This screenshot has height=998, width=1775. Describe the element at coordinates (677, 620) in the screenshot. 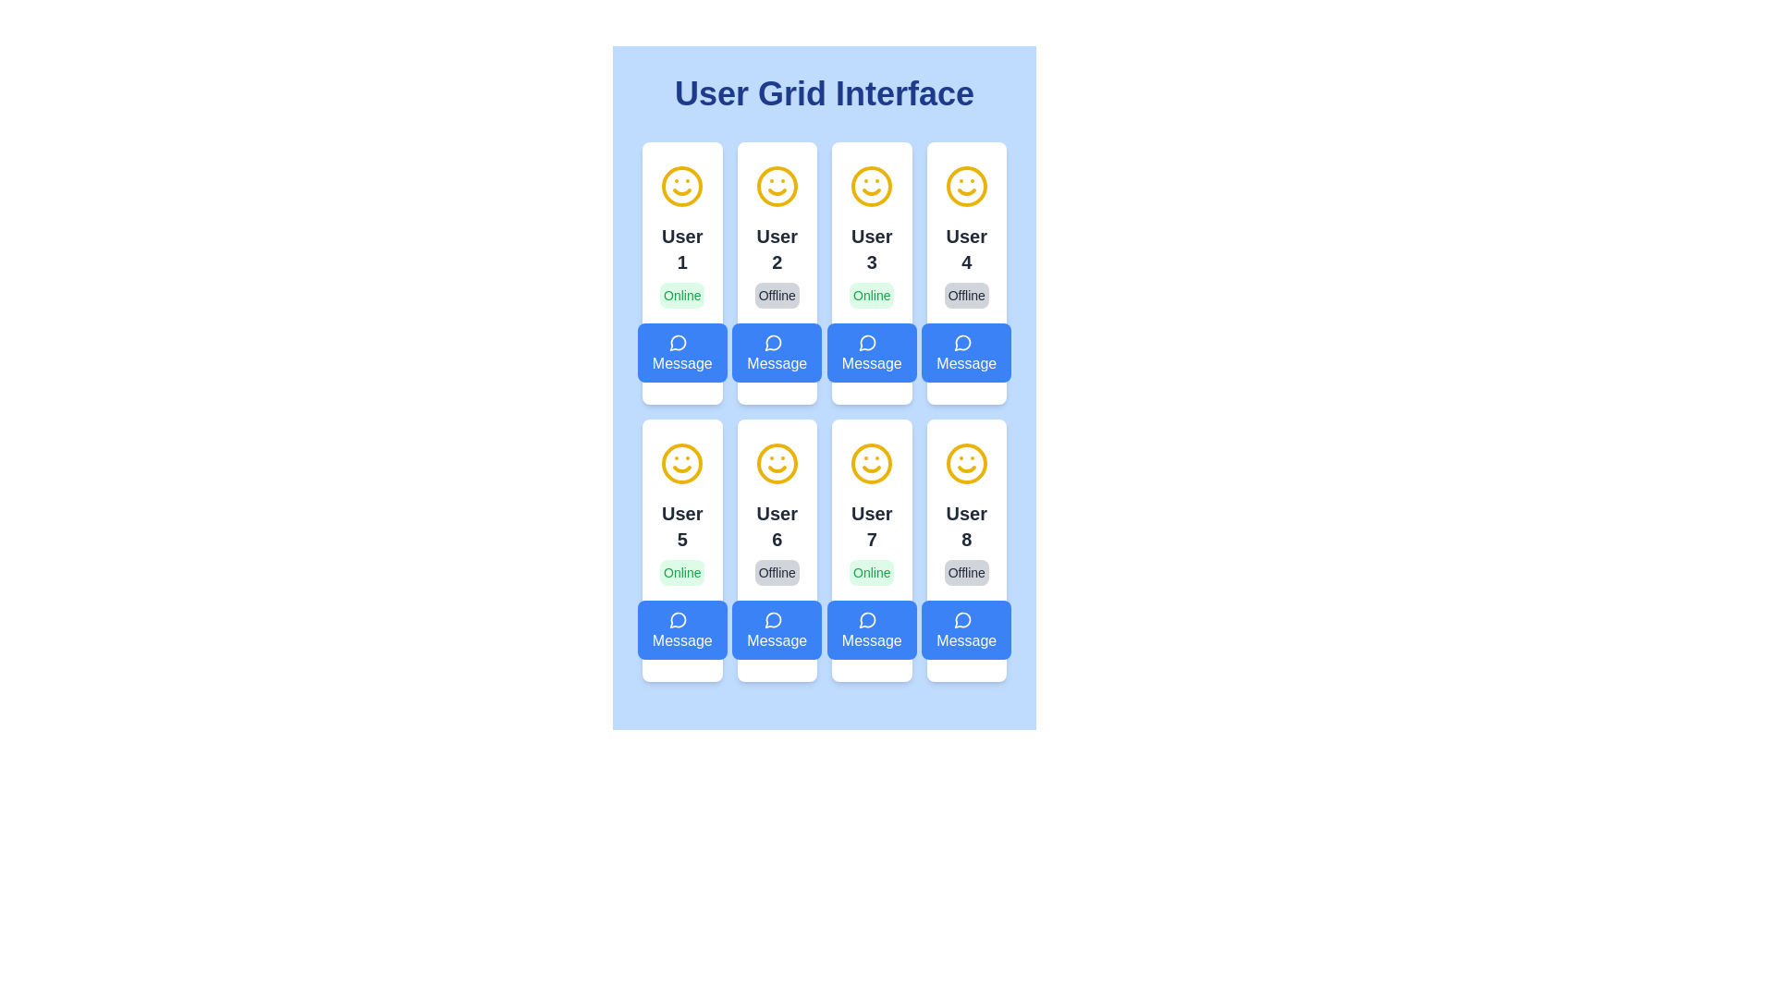

I see `the icon within the 'Message' button located under the 'User 5' section in the bottom-left part of the interface` at that location.